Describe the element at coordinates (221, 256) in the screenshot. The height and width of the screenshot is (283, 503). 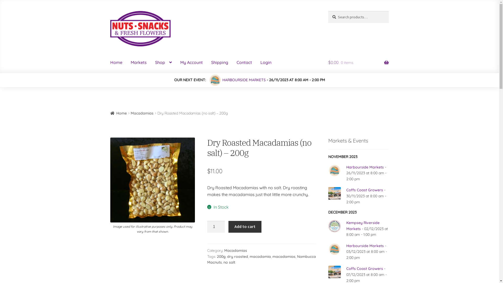
I see `'200g'` at that location.